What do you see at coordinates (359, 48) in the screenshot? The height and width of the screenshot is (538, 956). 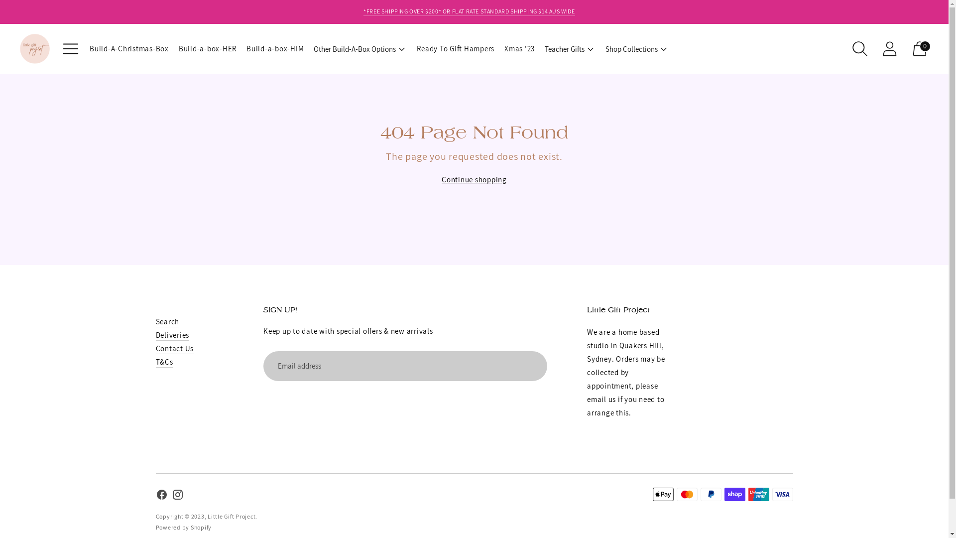 I see `'Other Build-A-Box Options'` at bounding box center [359, 48].